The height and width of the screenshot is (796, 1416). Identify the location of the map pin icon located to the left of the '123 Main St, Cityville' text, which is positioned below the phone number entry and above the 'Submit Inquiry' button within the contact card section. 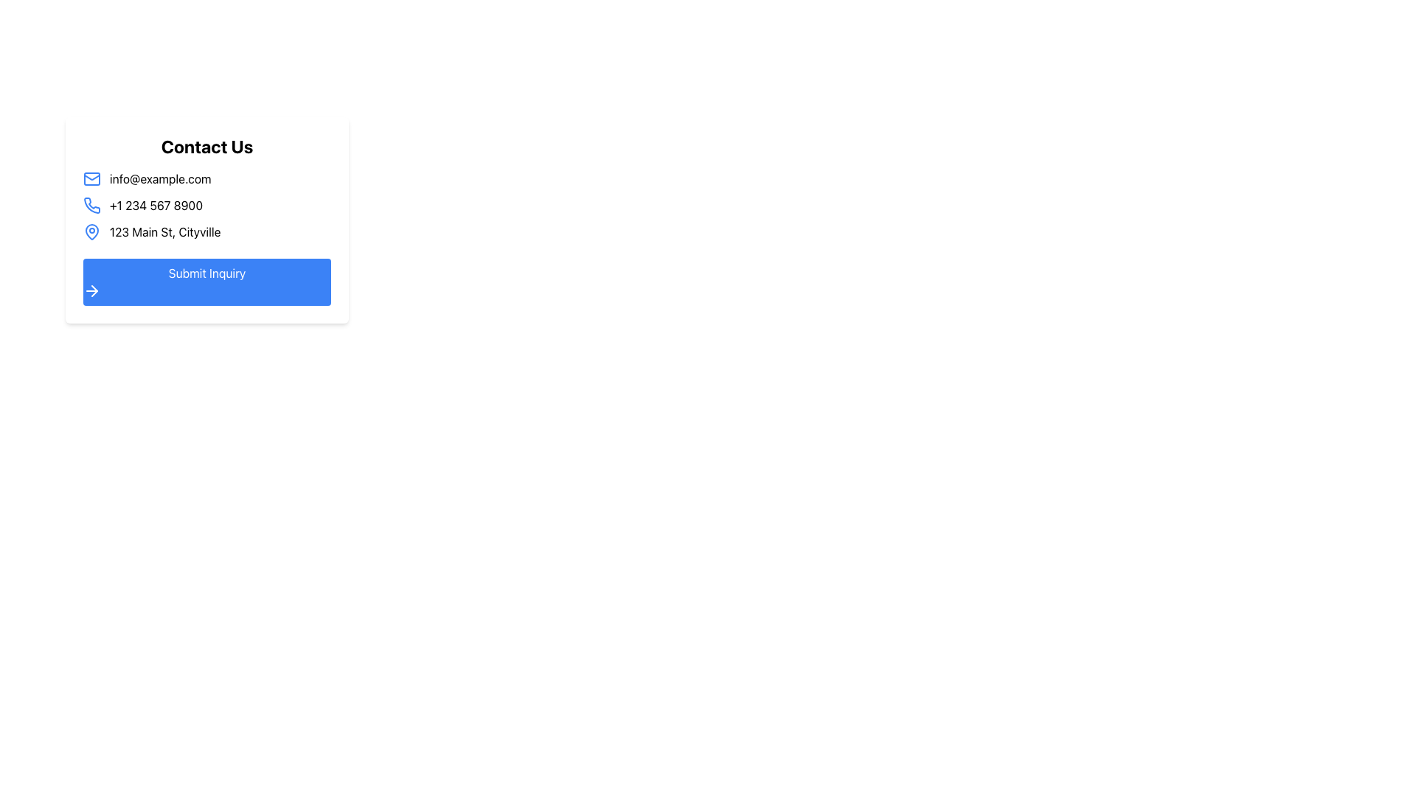
(91, 232).